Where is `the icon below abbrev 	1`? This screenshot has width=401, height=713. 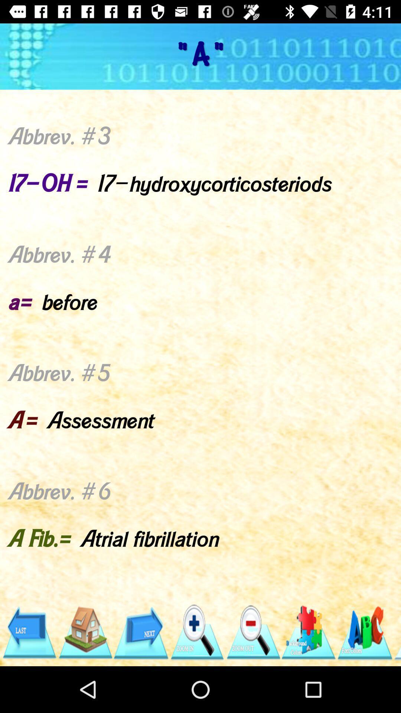 the icon below abbrev 	1 is located at coordinates (85, 632).